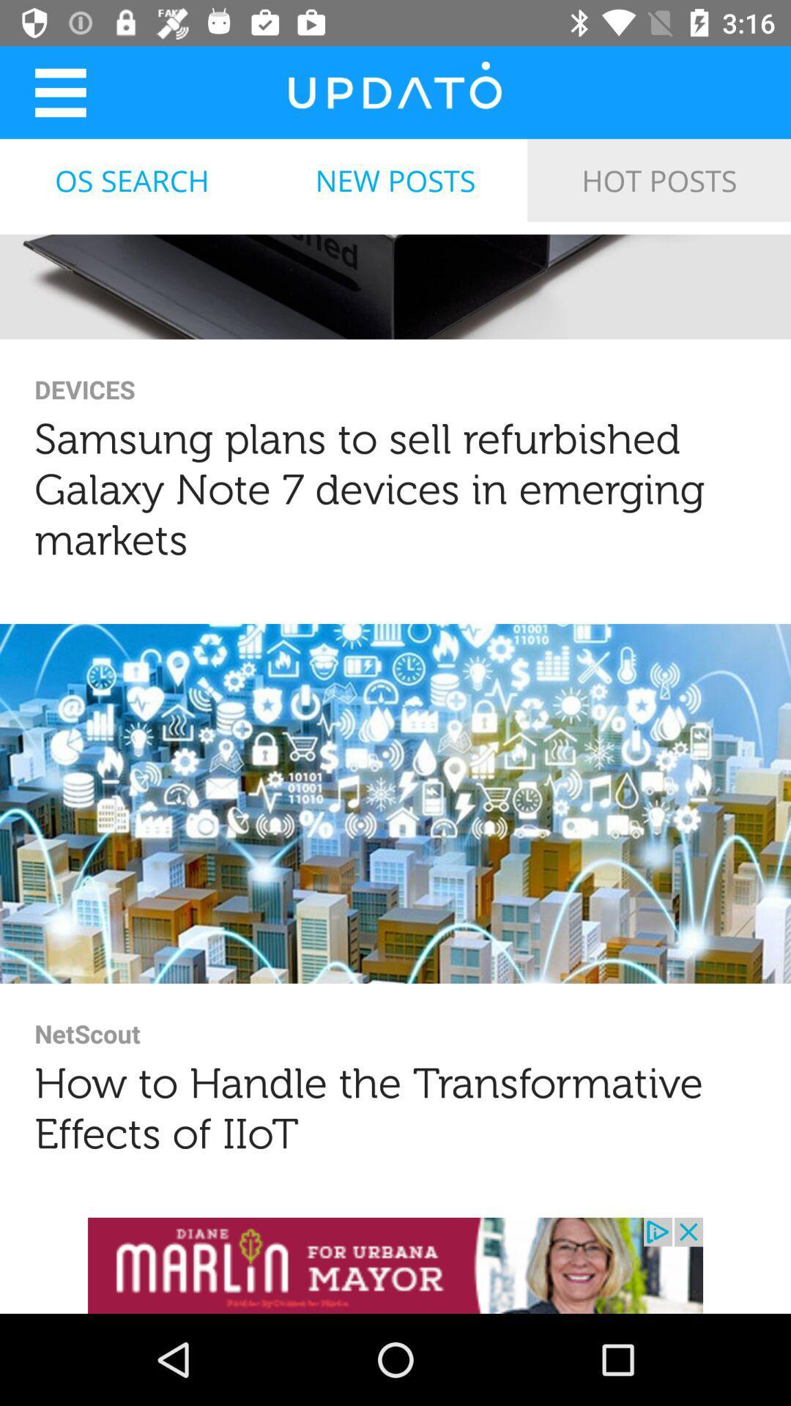 This screenshot has width=791, height=1406. Describe the element at coordinates (59, 92) in the screenshot. I see `expand options button` at that location.